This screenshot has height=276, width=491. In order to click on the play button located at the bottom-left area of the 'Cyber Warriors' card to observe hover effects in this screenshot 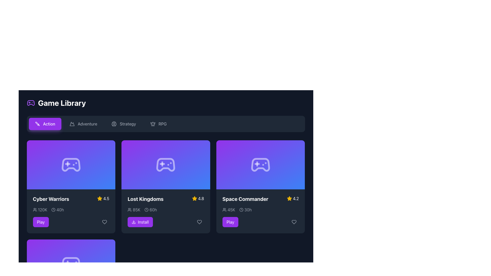, I will do `click(40, 222)`.